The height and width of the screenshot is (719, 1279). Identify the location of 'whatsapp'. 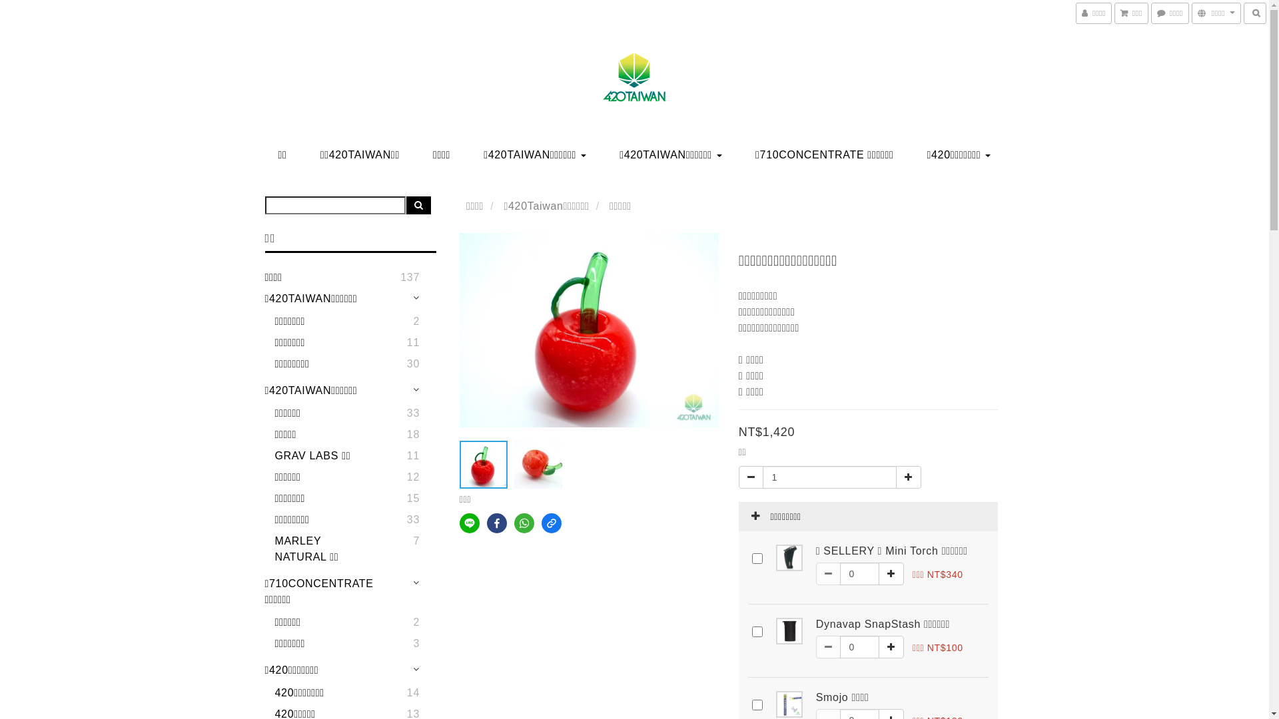
(524, 523).